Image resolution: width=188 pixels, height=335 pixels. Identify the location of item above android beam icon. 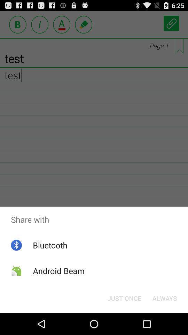
(50, 245).